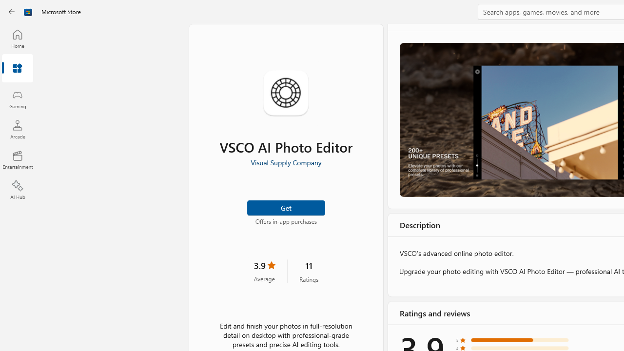  Describe the element at coordinates (17, 38) in the screenshot. I see `'Home'` at that location.